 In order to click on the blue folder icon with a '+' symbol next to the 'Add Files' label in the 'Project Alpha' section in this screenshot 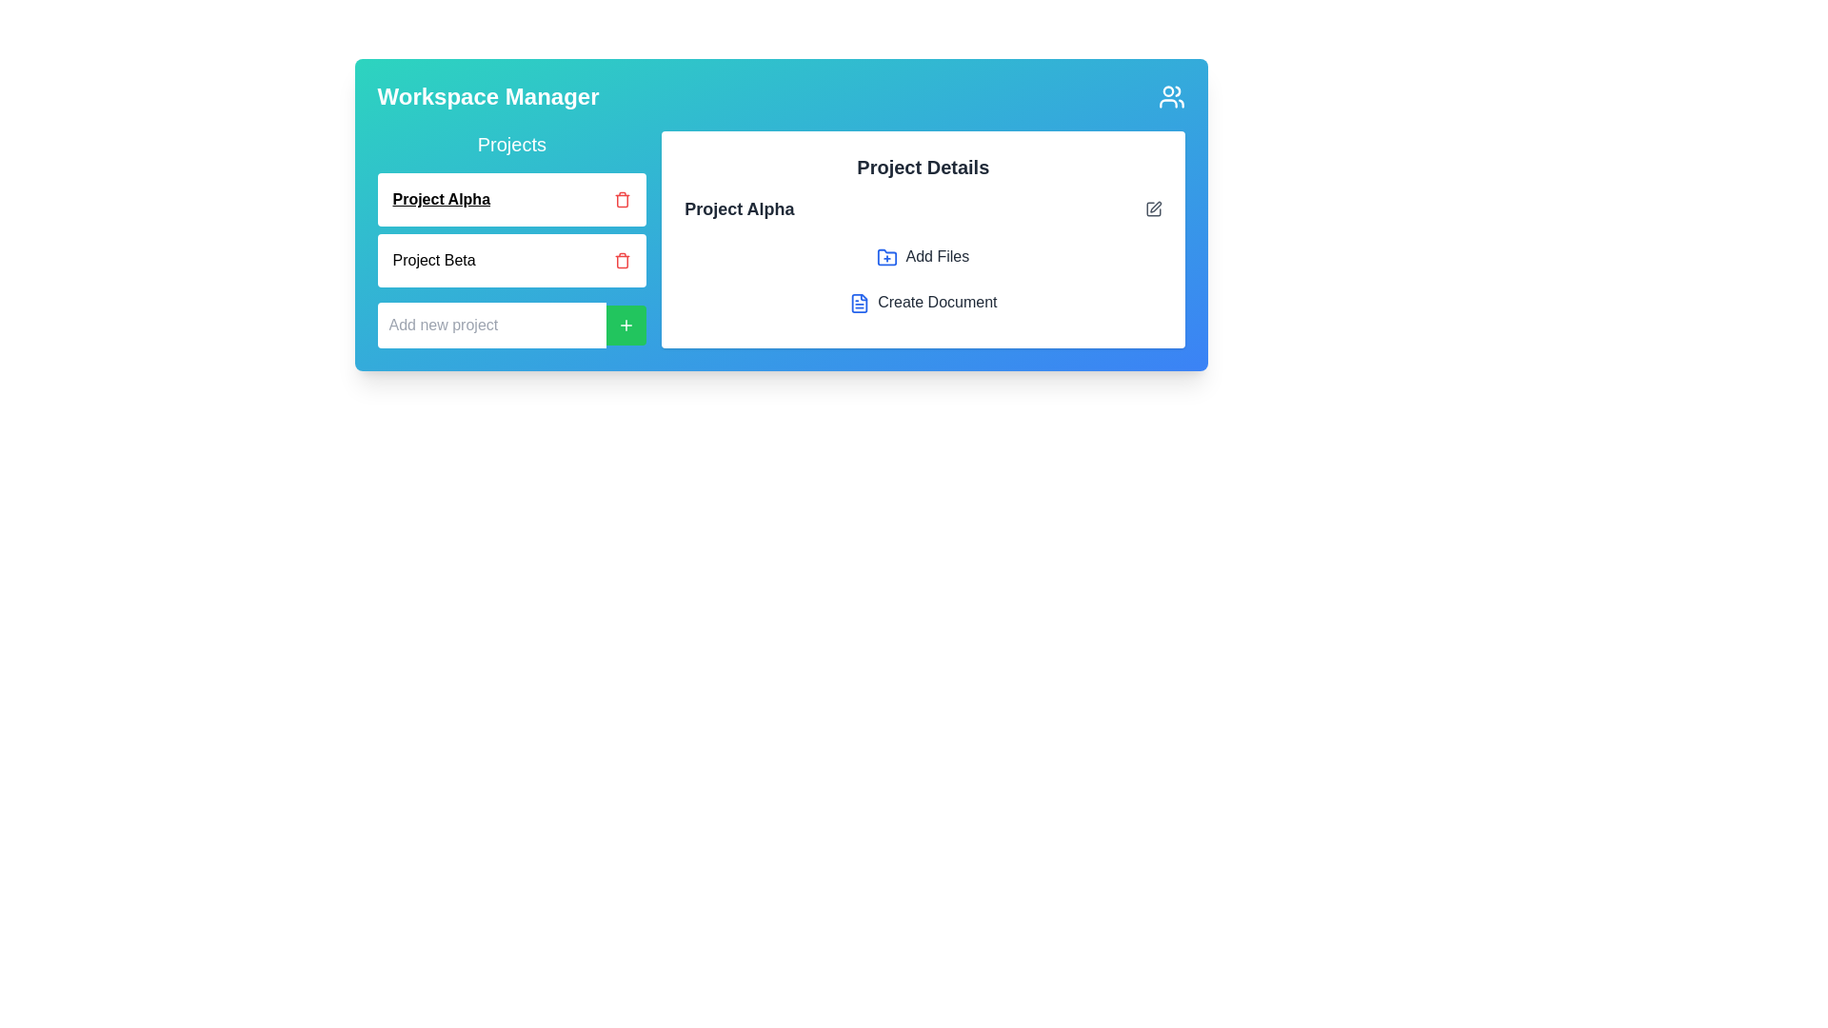, I will do `click(923, 253)`.